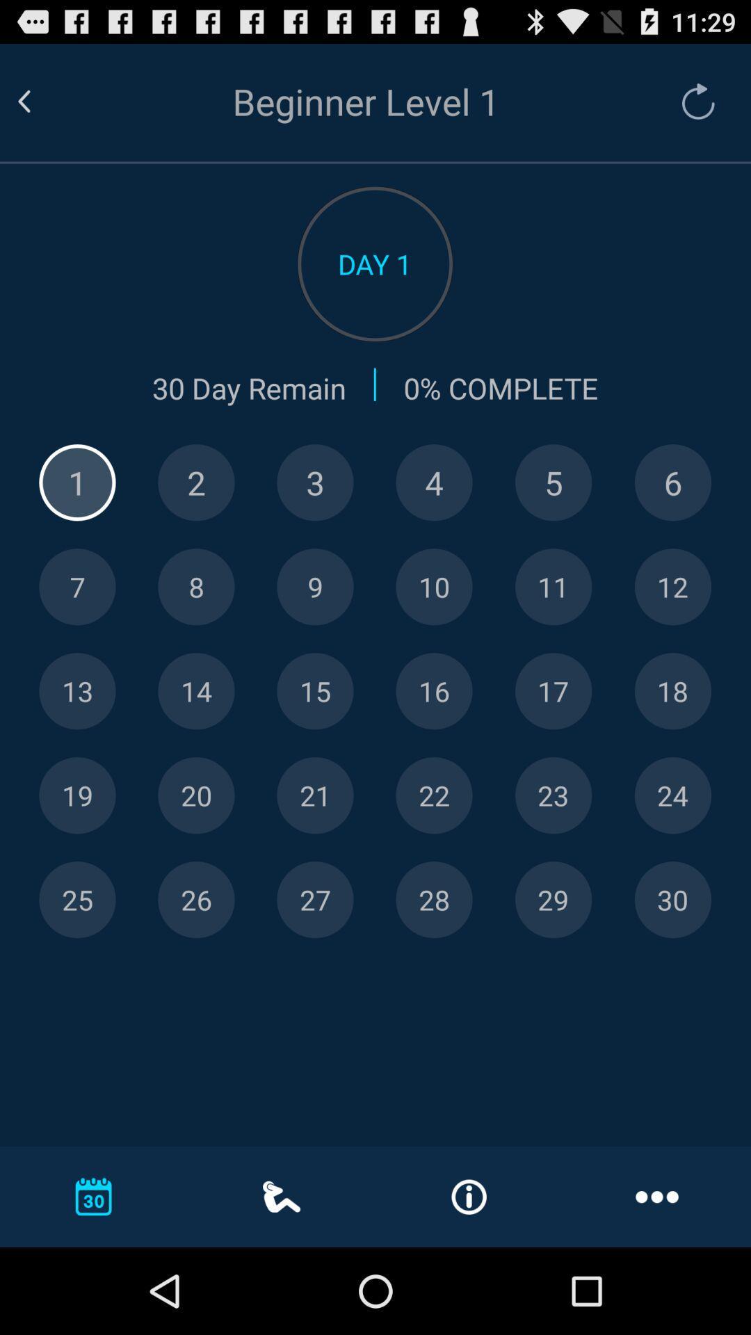 This screenshot has height=1335, width=751. Describe the element at coordinates (196, 691) in the screenshot. I see `highlights the number 14` at that location.